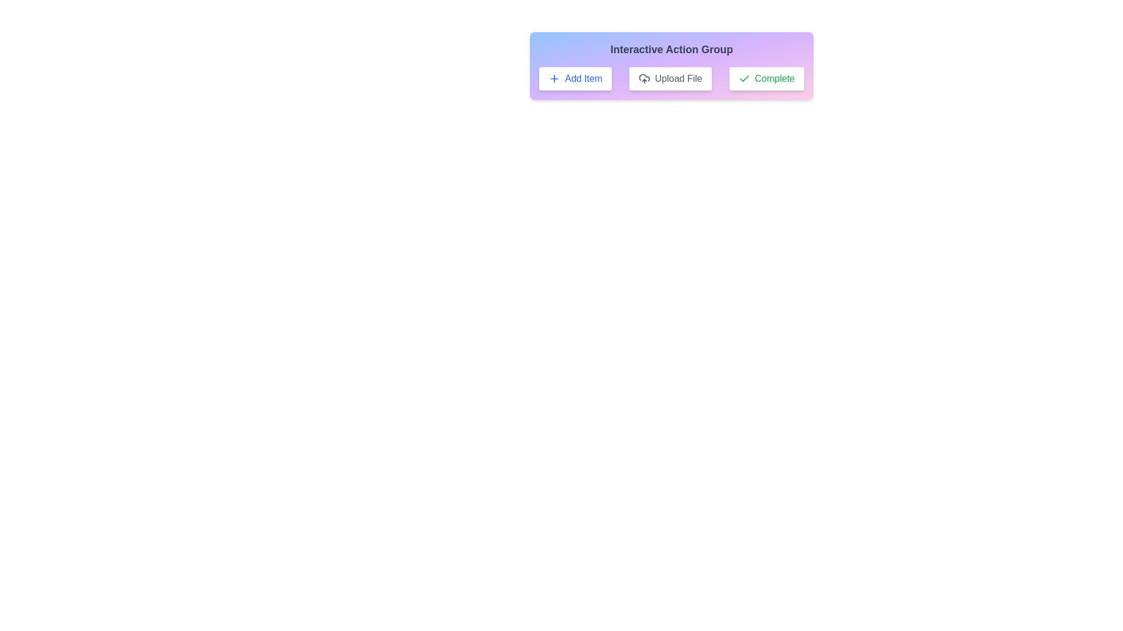 The image size is (1123, 631). Describe the element at coordinates (554, 79) in the screenshot. I see `the 'Add Item' button icon` at that location.